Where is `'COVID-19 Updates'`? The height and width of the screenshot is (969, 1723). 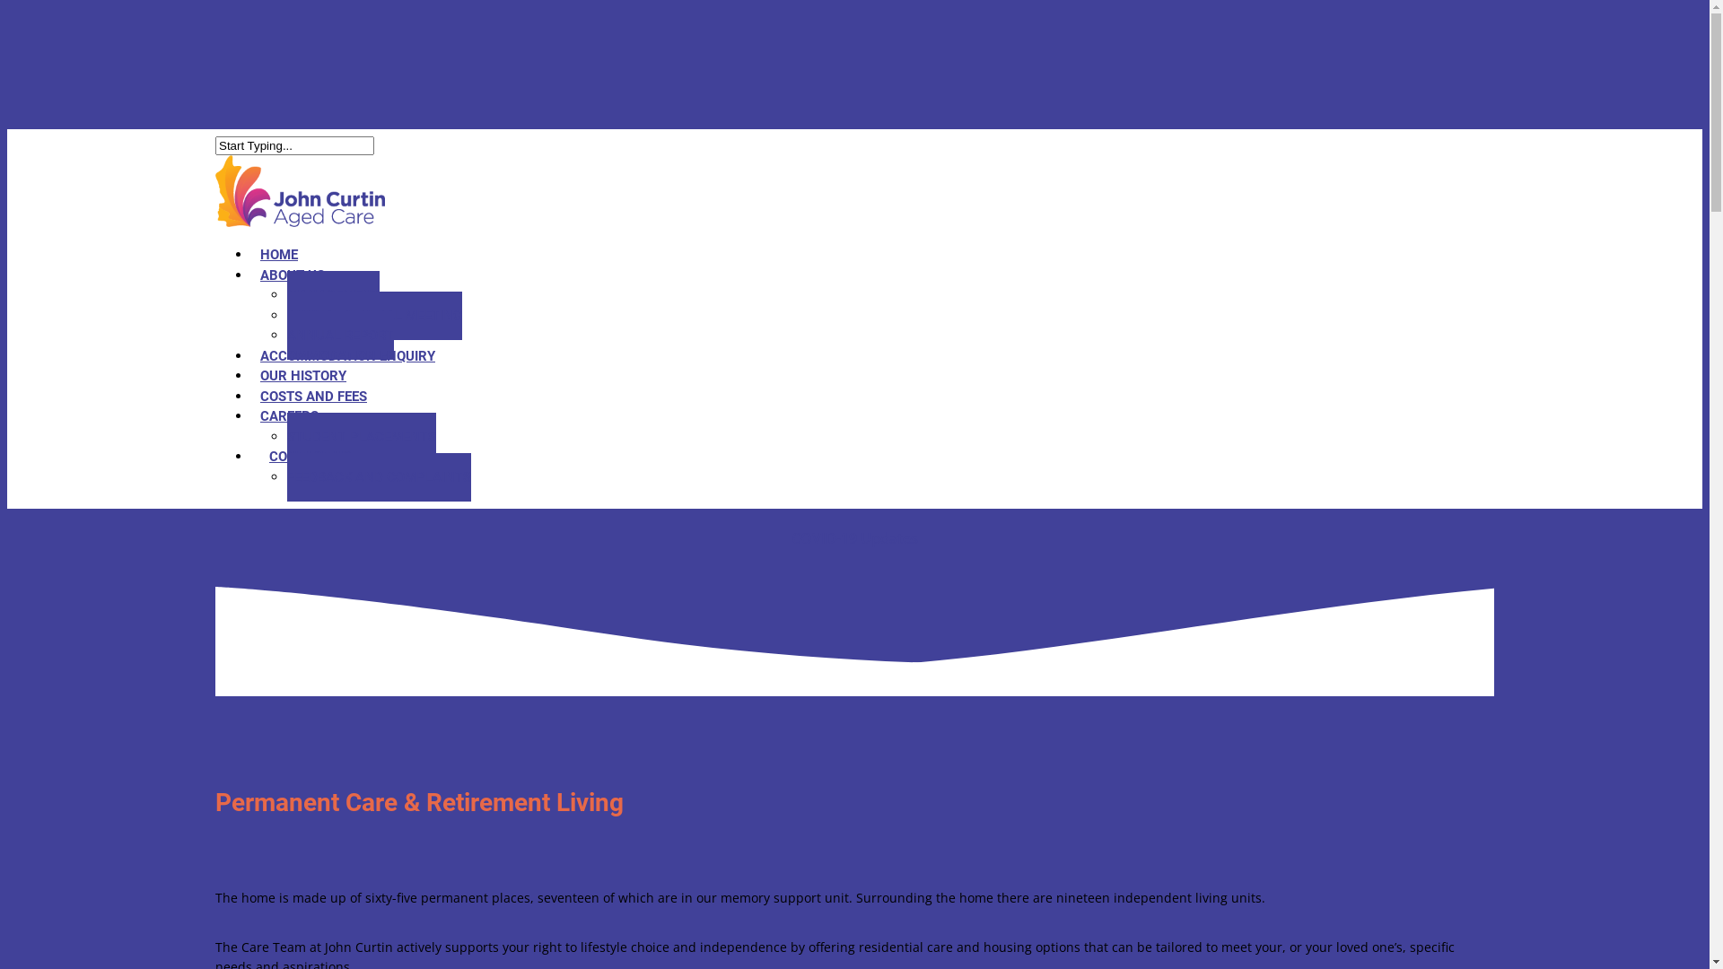 'COVID-19 Updates' is located at coordinates (853, 537).